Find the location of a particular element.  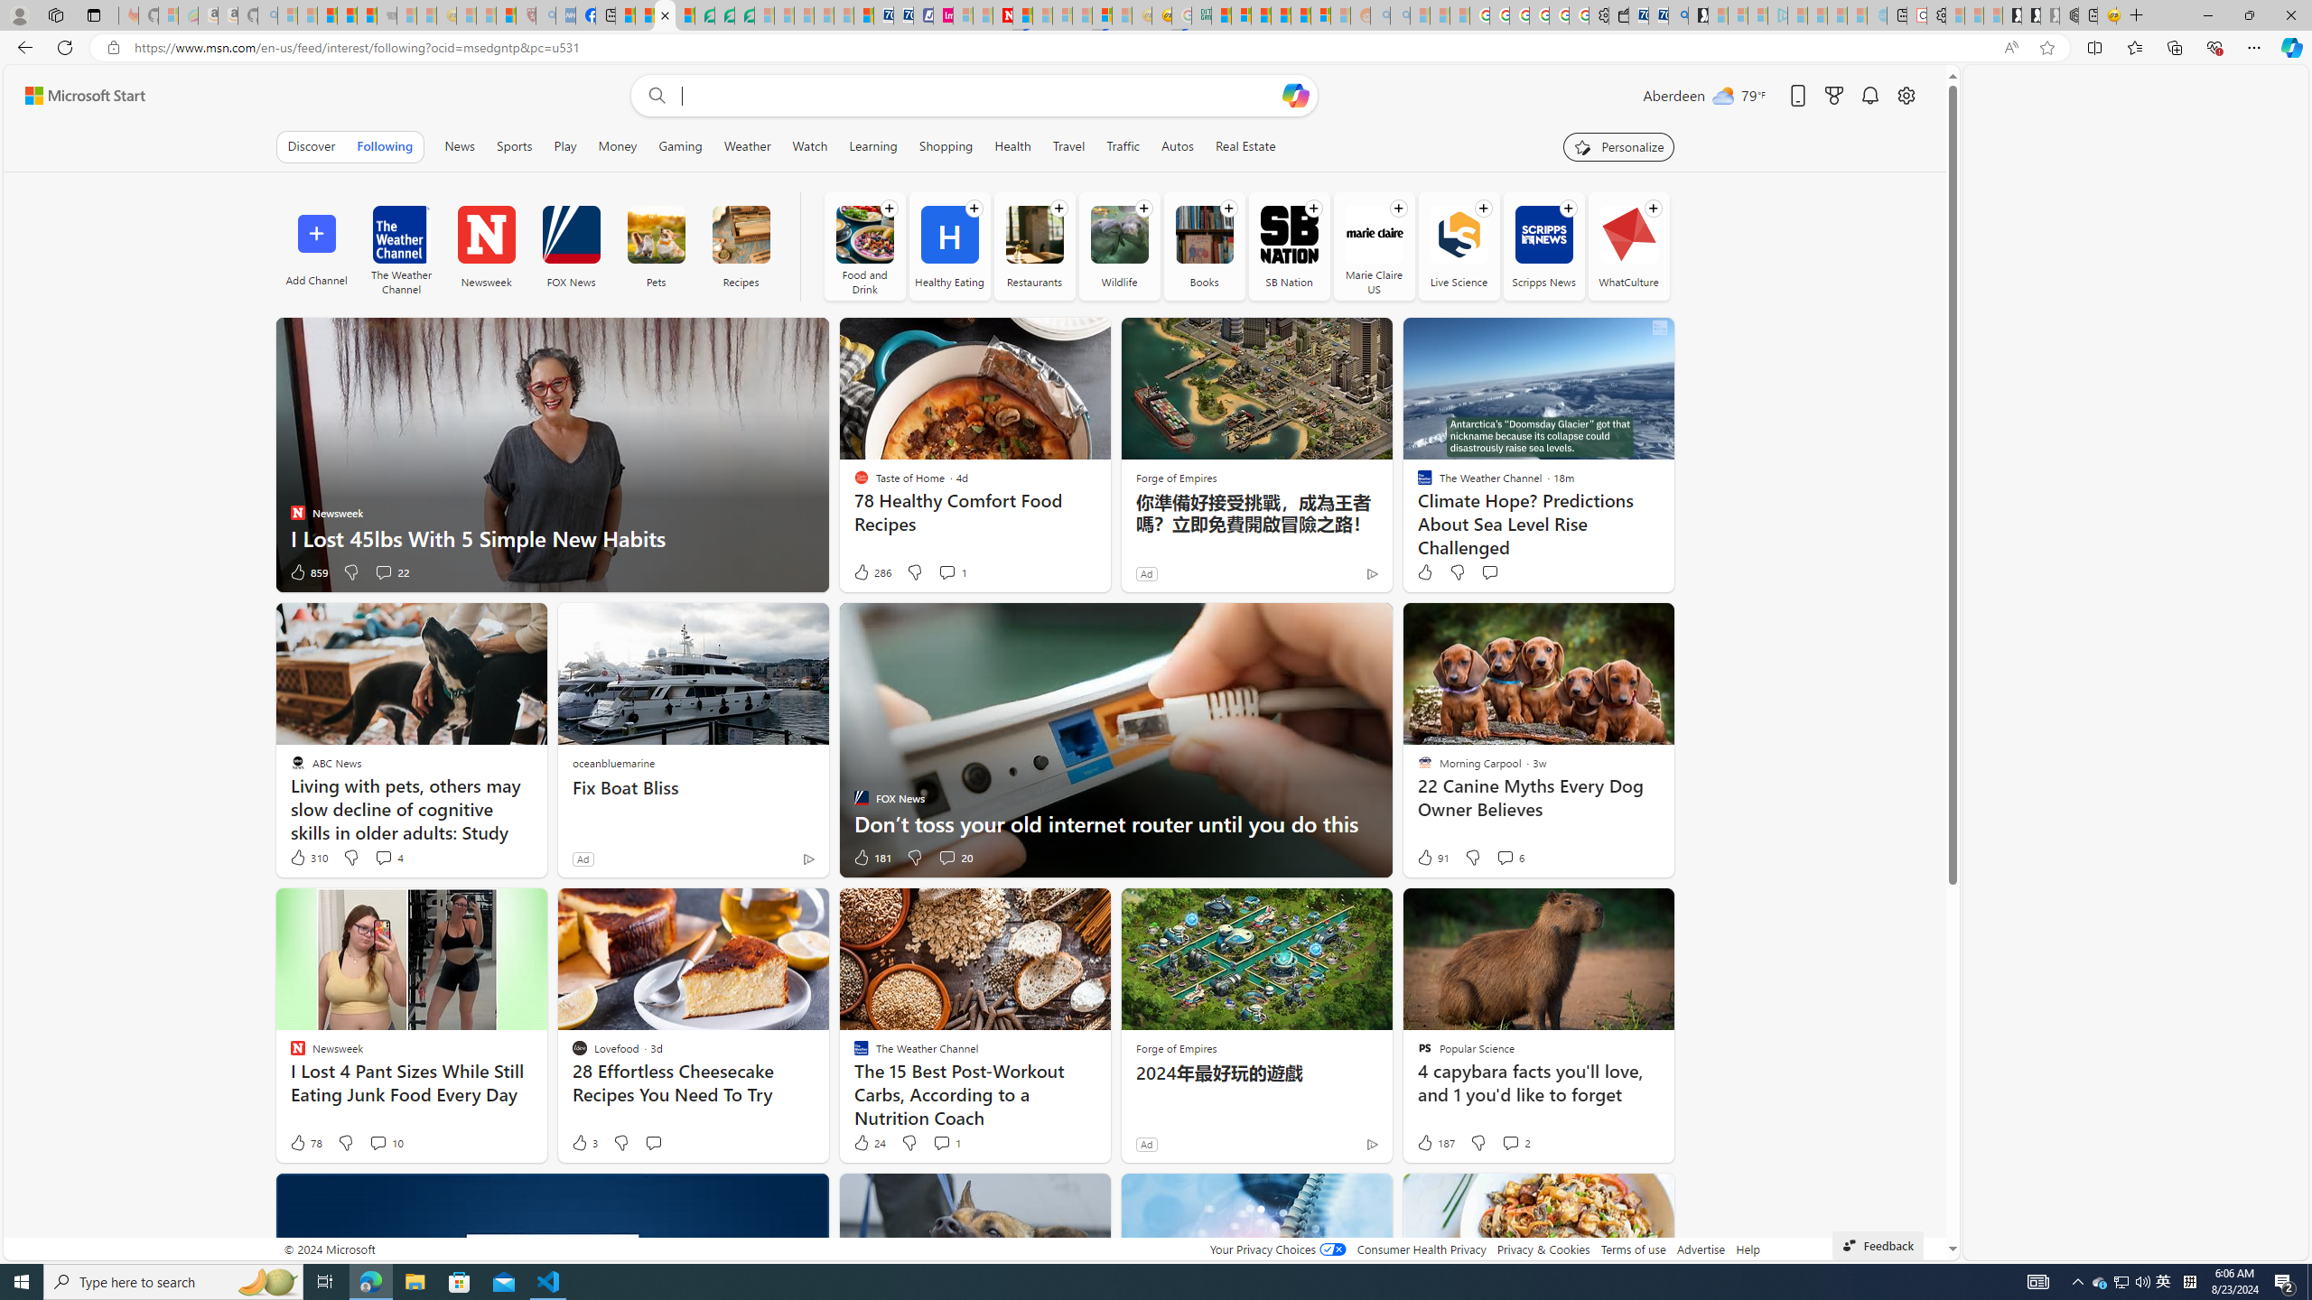

'91 Like' is located at coordinates (1431, 857).